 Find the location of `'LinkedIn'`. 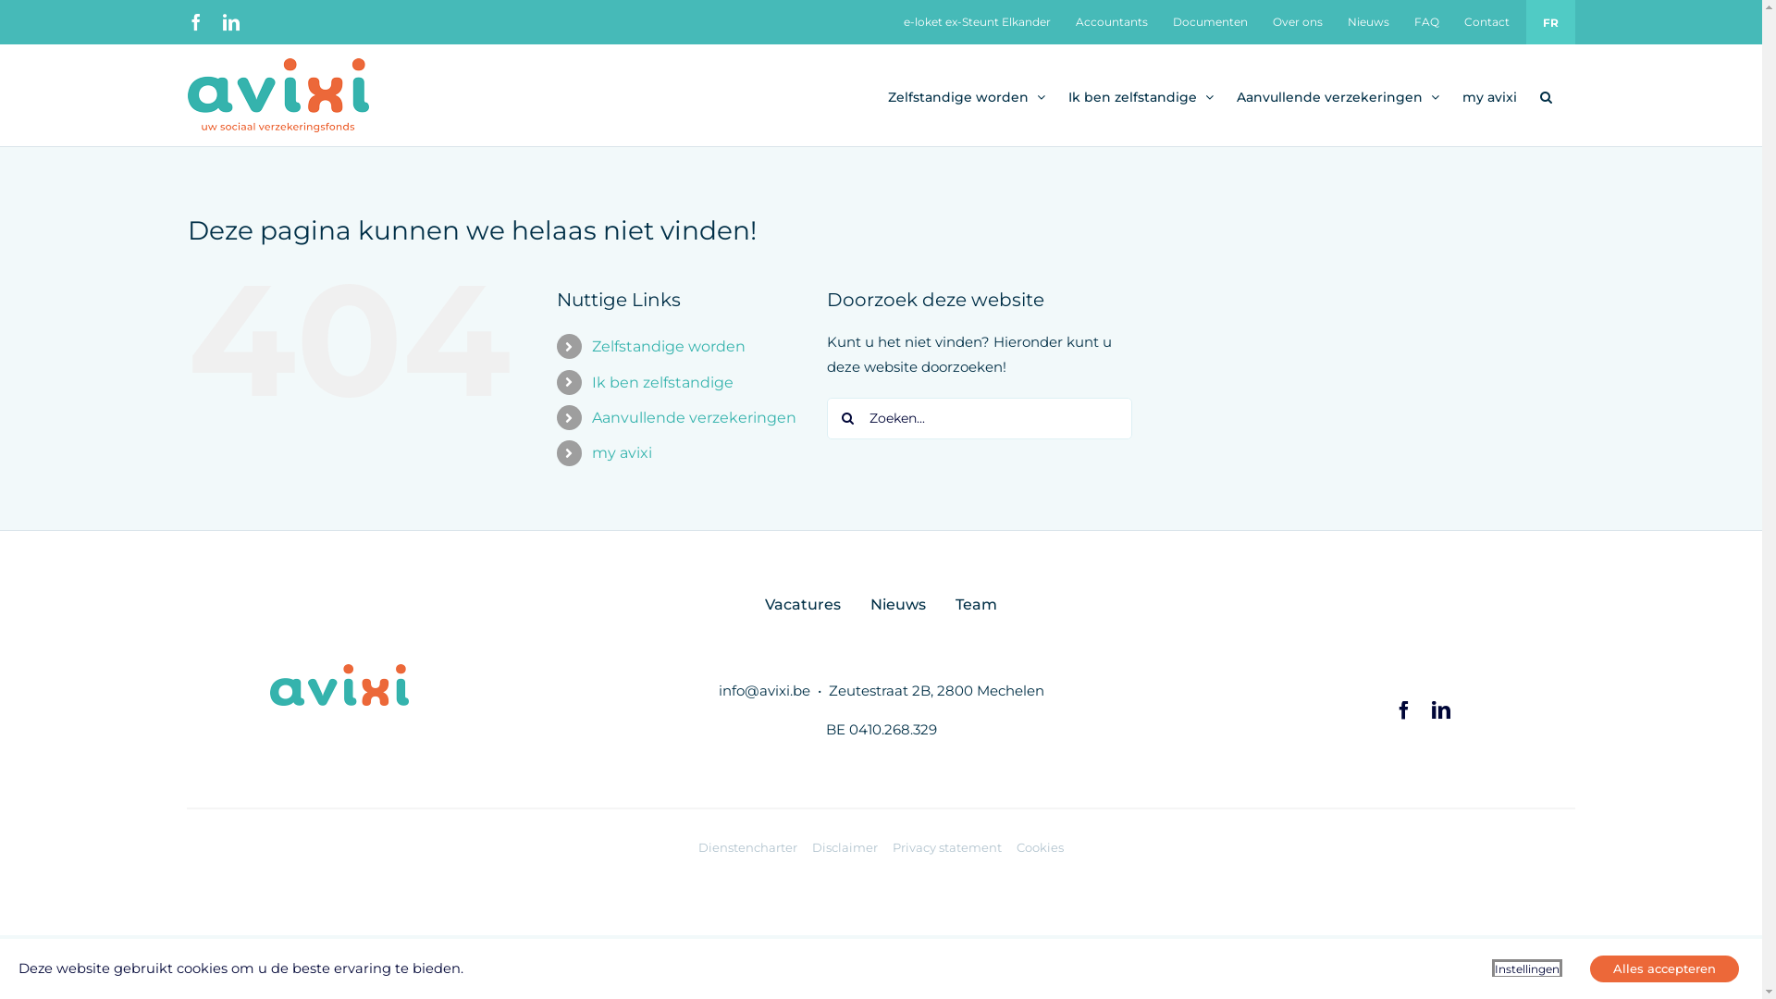

'LinkedIn' is located at coordinates (1431, 709).